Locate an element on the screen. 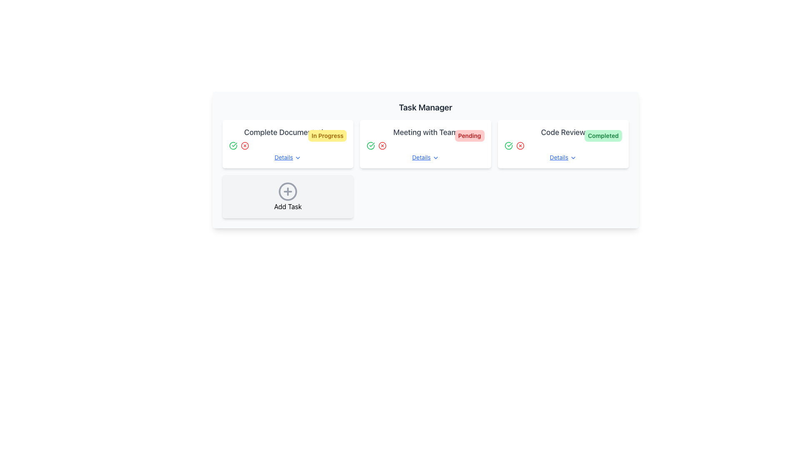 This screenshot has width=800, height=450. the Icon button (circle with a plus symbol) located at the top center of the 'Add Task' card in the bottom left corner of the task management interface is located at coordinates (288, 191).